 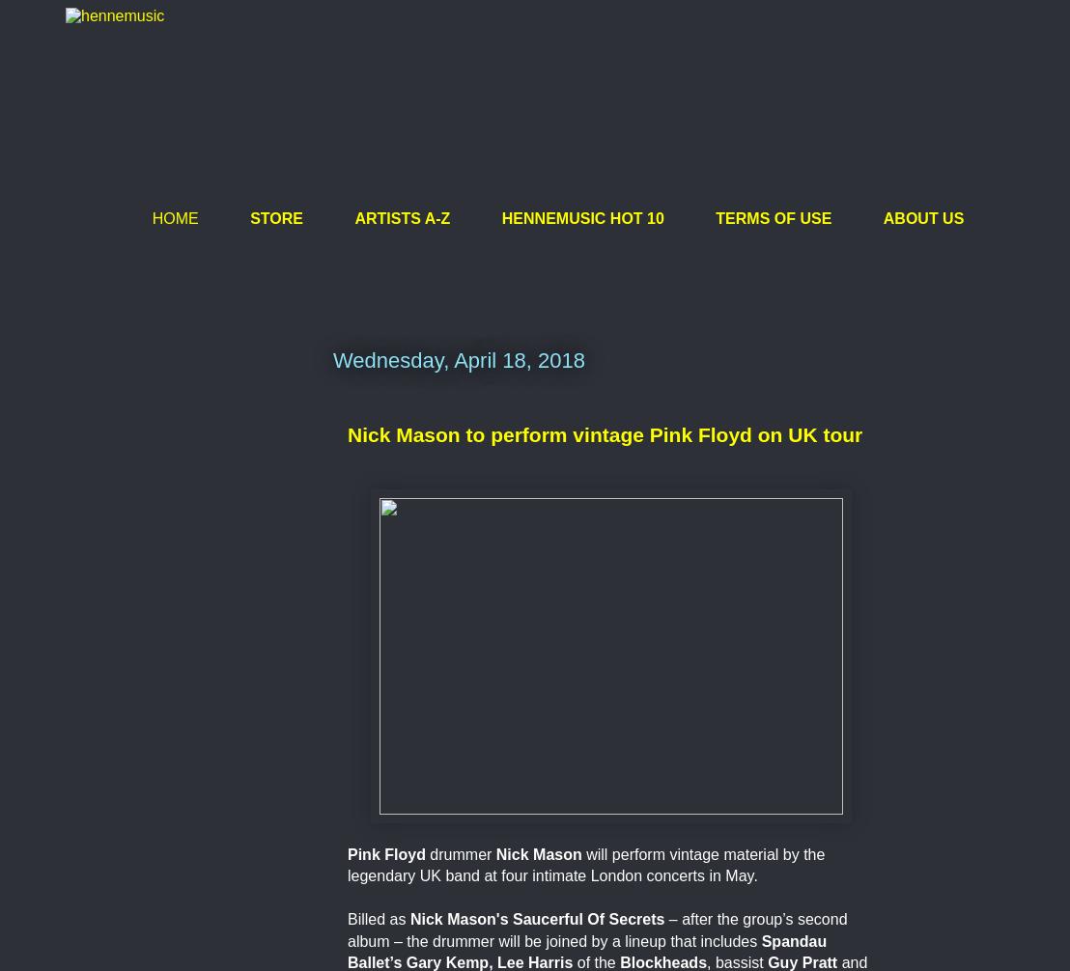 What do you see at coordinates (402, 217) in the screenshot?
I see `'ARTISTS A-Z'` at bounding box center [402, 217].